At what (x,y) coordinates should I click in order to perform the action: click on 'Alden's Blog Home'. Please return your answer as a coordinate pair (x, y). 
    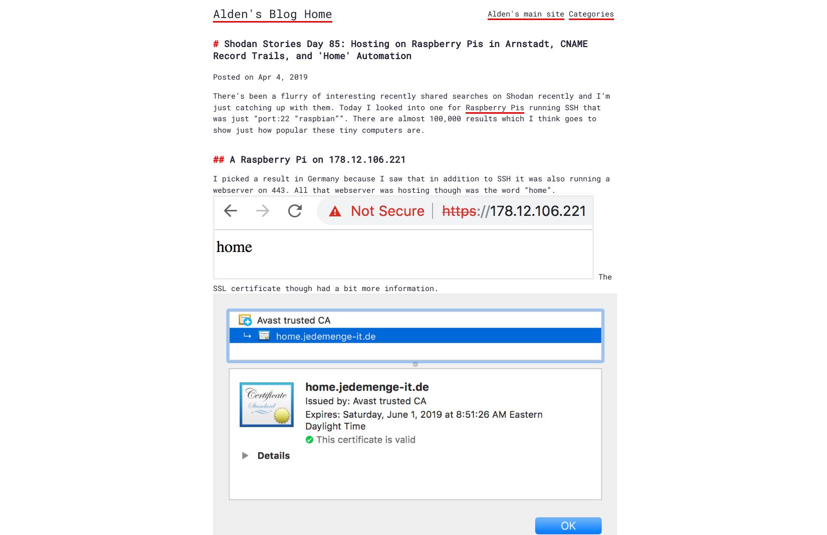
    Looking at the image, I should click on (272, 13).